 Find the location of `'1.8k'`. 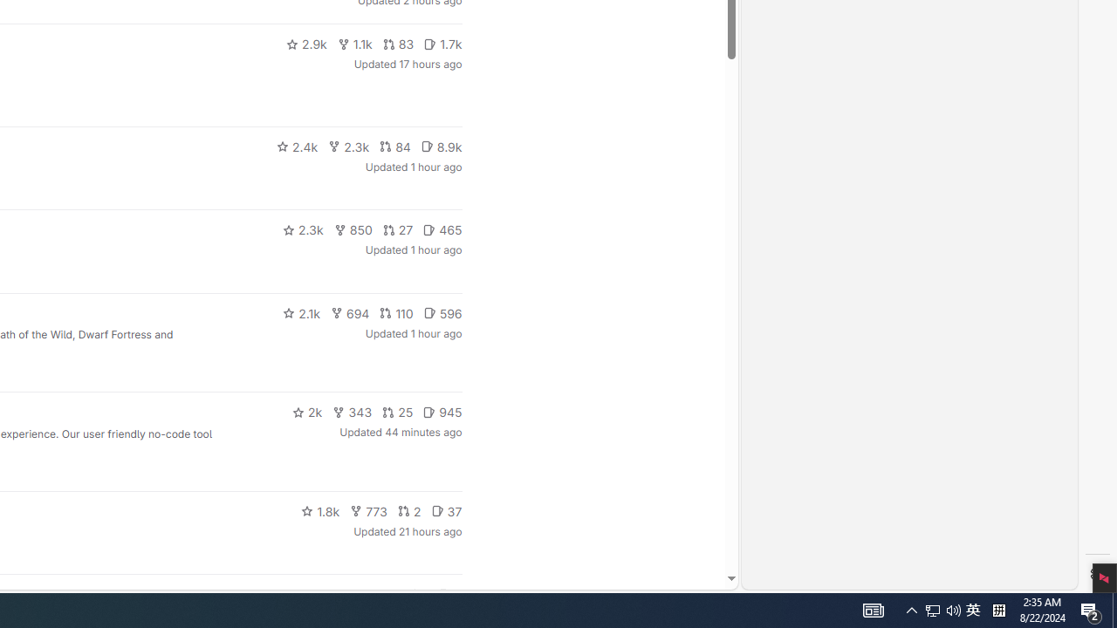

'1.8k' is located at coordinates (321, 510).